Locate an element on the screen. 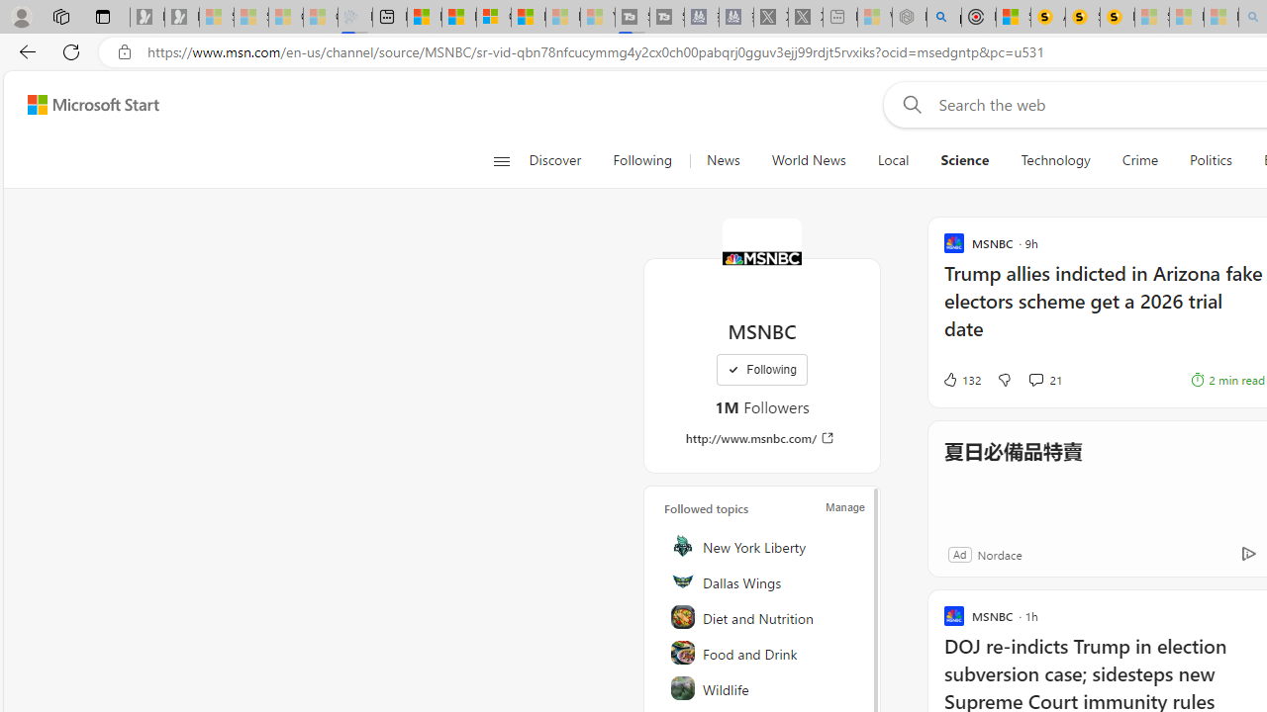  'Crime' is located at coordinates (1140, 160).